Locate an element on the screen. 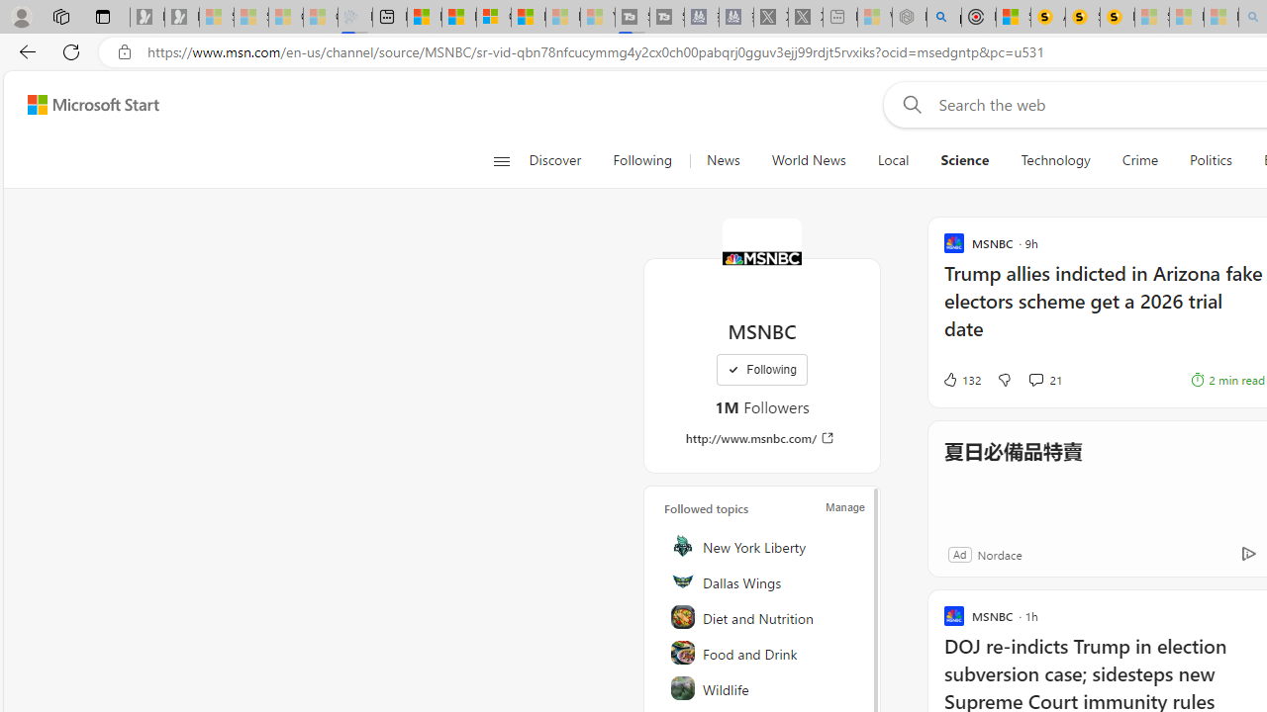  'Crime' is located at coordinates (1140, 160).